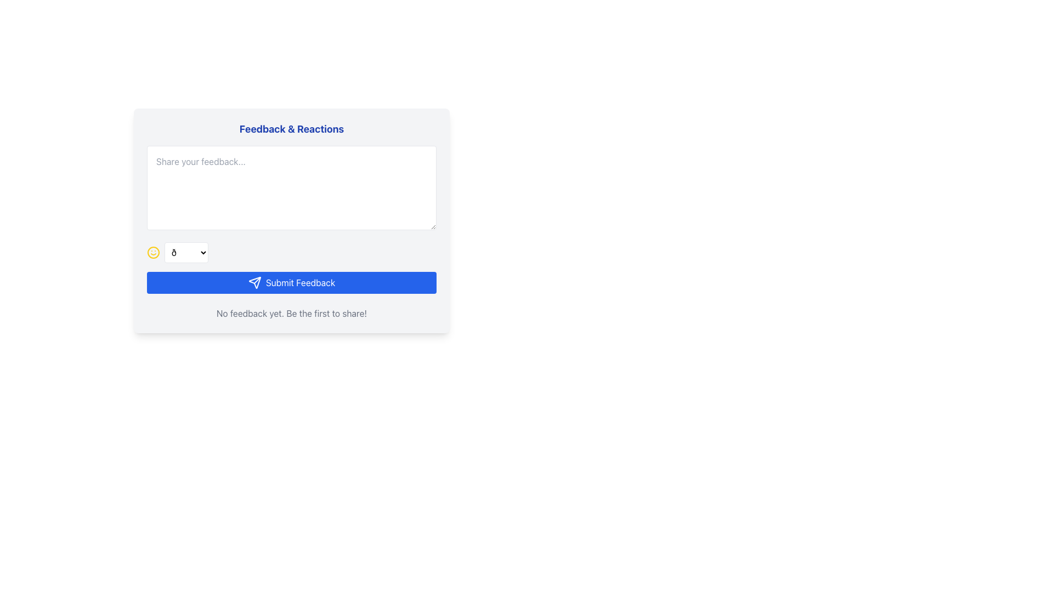 This screenshot has height=592, width=1053. I want to click on the central circle of the smiley face icon located to the left side of the dropdown menu in the feedback interface, so click(152, 253).